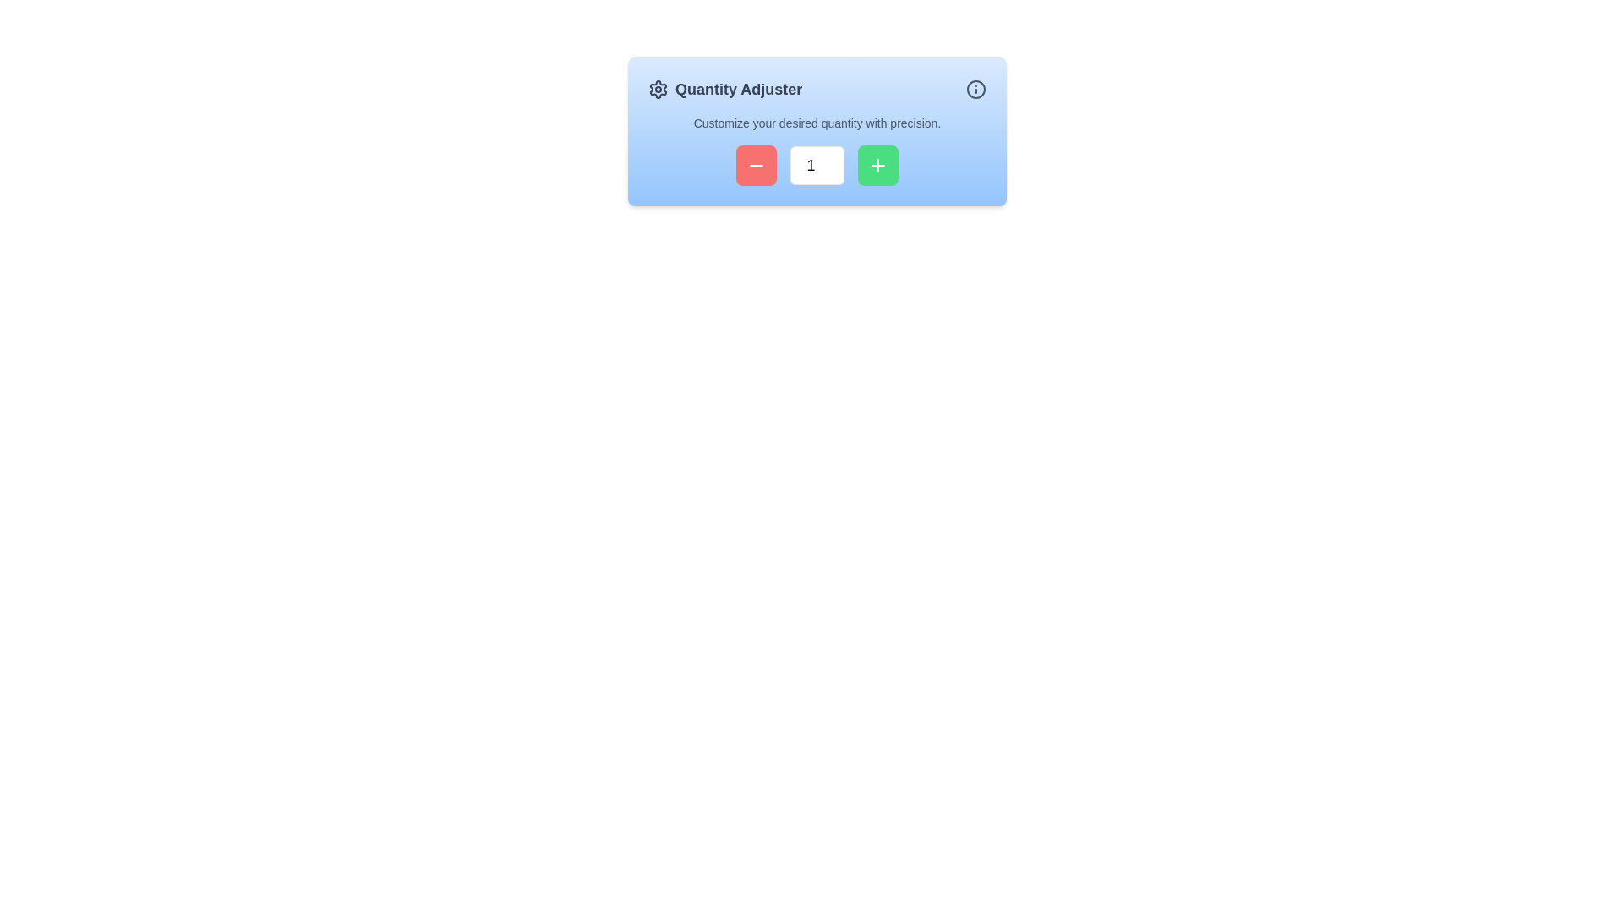  What do you see at coordinates (755, 166) in the screenshot?
I see `the decrement button located to the left of the numeric input field to decrease the quantity` at bounding box center [755, 166].